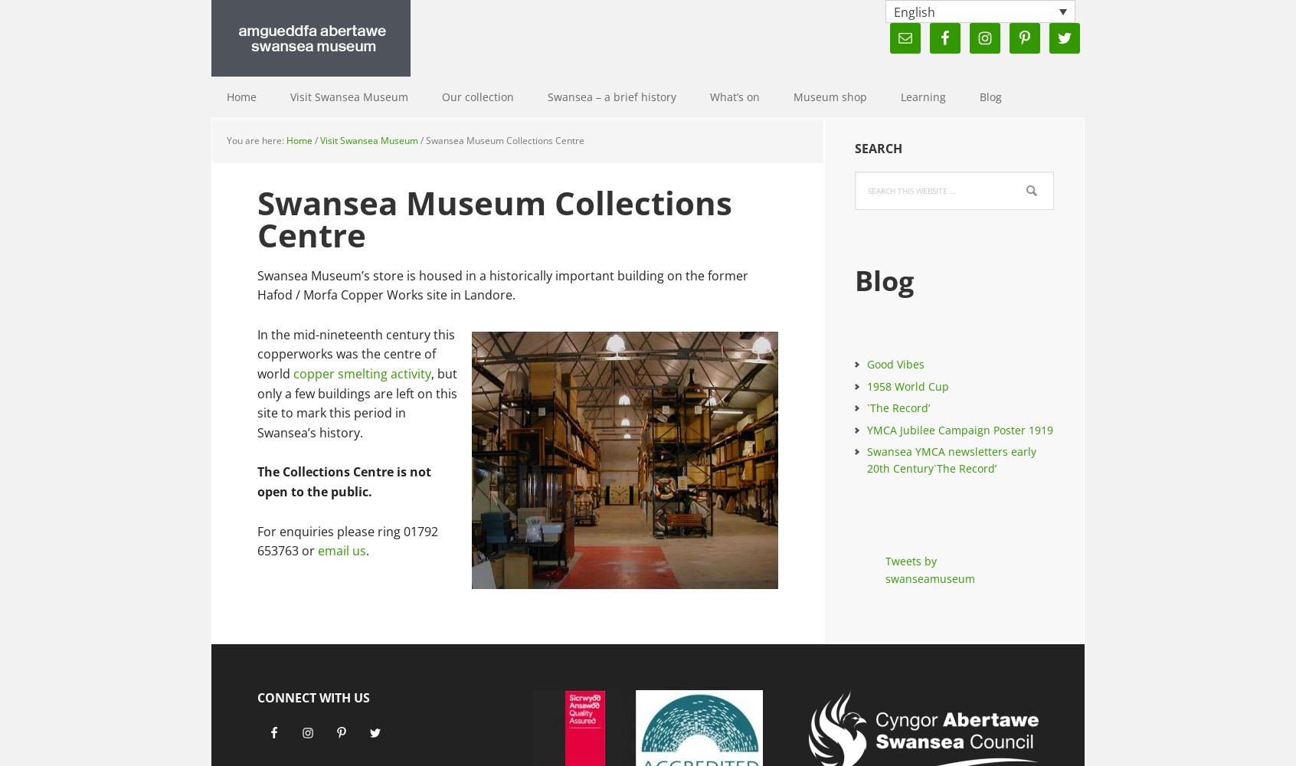 This screenshot has height=766, width=1296. Describe the element at coordinates (830, 97) in the screenshot. I see `'Museum shop'` at that location.